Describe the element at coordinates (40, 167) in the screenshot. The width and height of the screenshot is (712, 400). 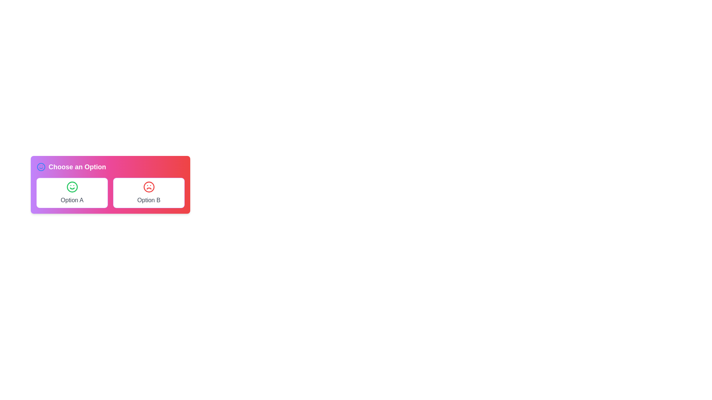
I see `the decorative icon indicating a positive sentiment, located to the left of the 'Choose an Option' section` at that location.